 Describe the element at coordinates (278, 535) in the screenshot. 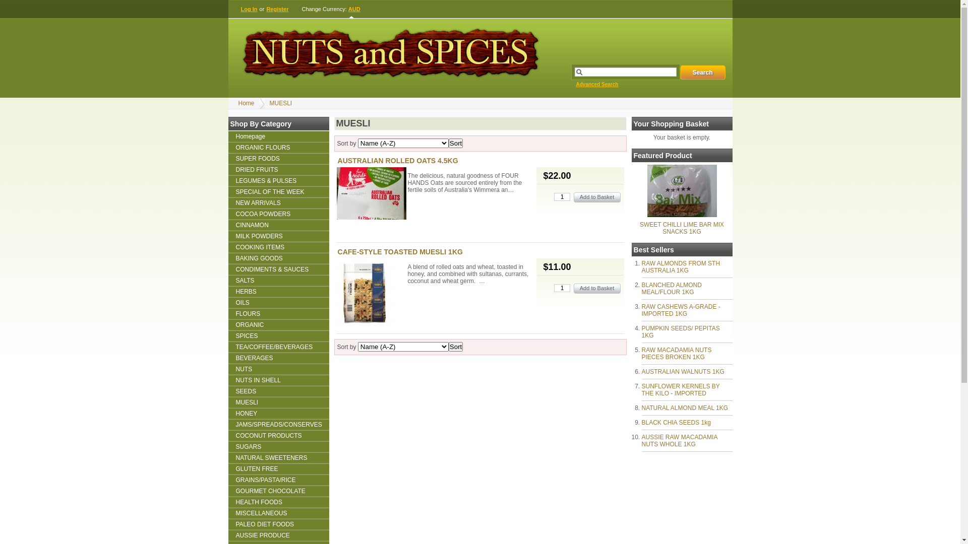

I see `'AUSSIE PRODUCE'` at that location.